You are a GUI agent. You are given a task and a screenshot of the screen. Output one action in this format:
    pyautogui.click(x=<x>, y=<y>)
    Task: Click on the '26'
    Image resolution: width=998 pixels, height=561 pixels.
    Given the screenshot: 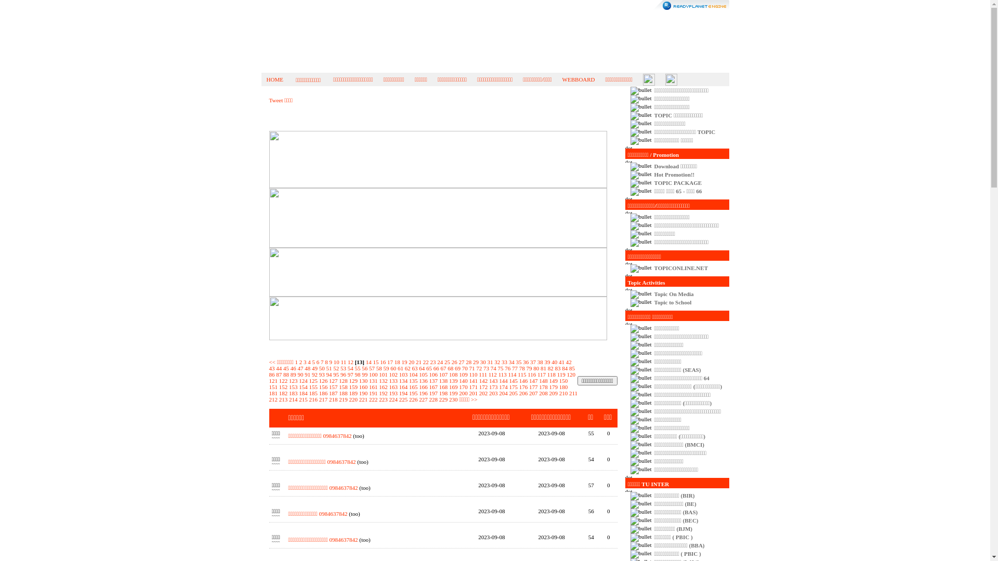 What is the action you would take?
    pyautogui.click(x=454, y=362)
    